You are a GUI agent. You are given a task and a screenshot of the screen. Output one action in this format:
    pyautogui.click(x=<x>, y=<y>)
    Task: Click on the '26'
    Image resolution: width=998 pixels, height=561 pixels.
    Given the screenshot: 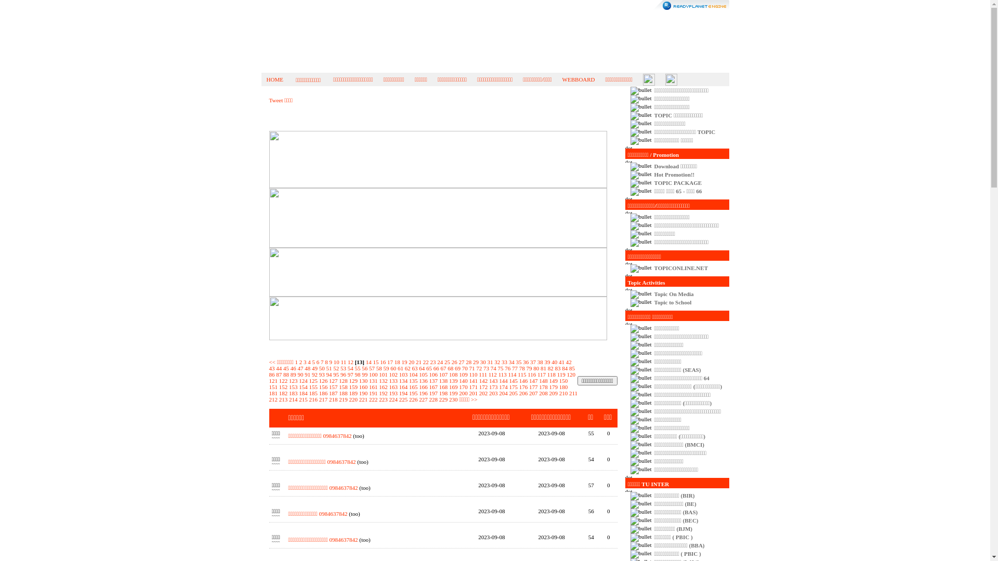 What is the action you would take?
    pyautogui.click(x=454, y=362)
    